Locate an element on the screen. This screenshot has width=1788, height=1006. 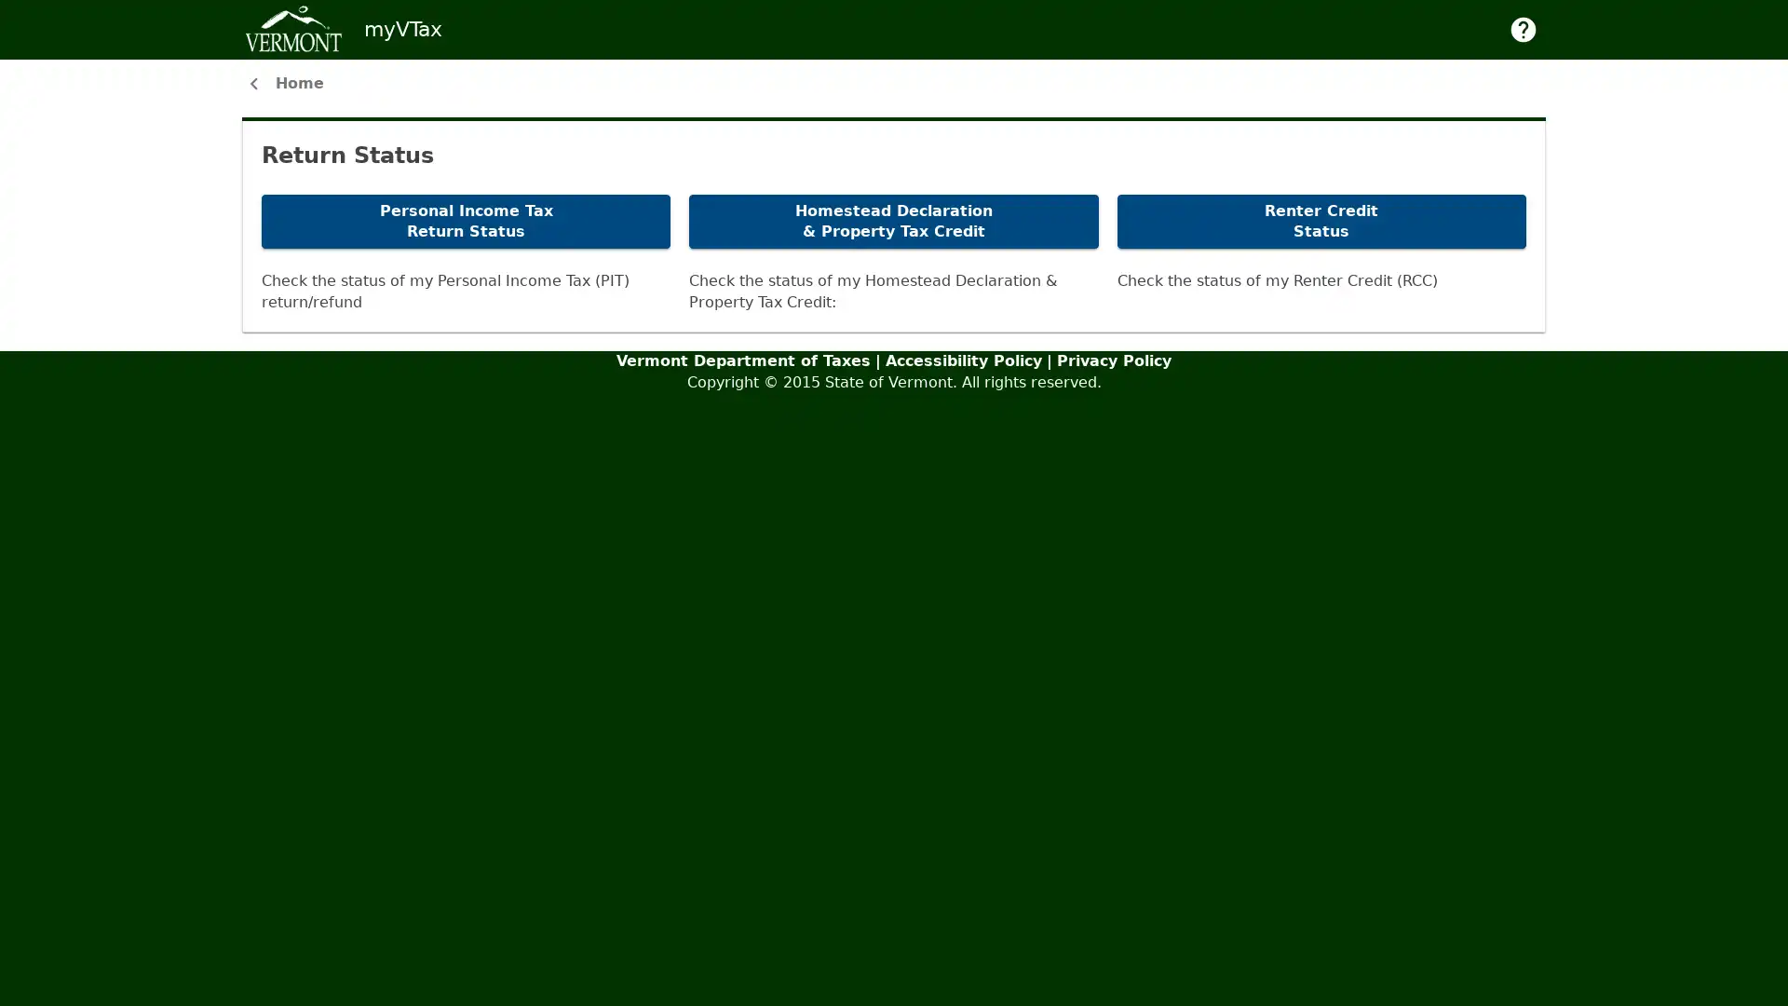
Renter Credit Status is located at coordinates (1321, 220).